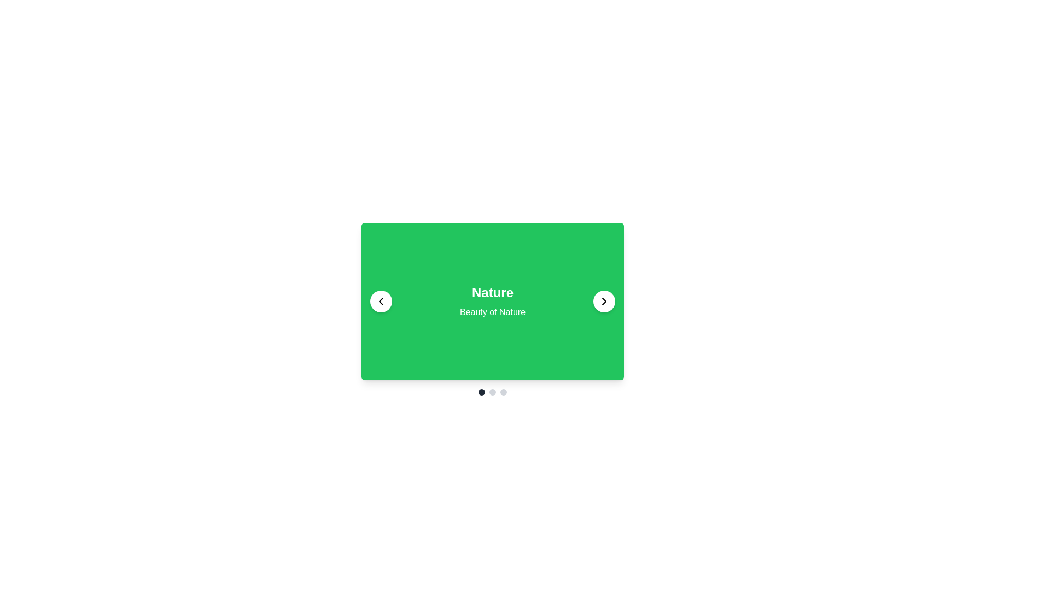 Image resolution: width=1050 pixels, height=590 pixels. Describe the element at coordinates (381, 301) in the screenshot. I see `the circular button with a white background and a black left-pointing arrow icon` at that location.